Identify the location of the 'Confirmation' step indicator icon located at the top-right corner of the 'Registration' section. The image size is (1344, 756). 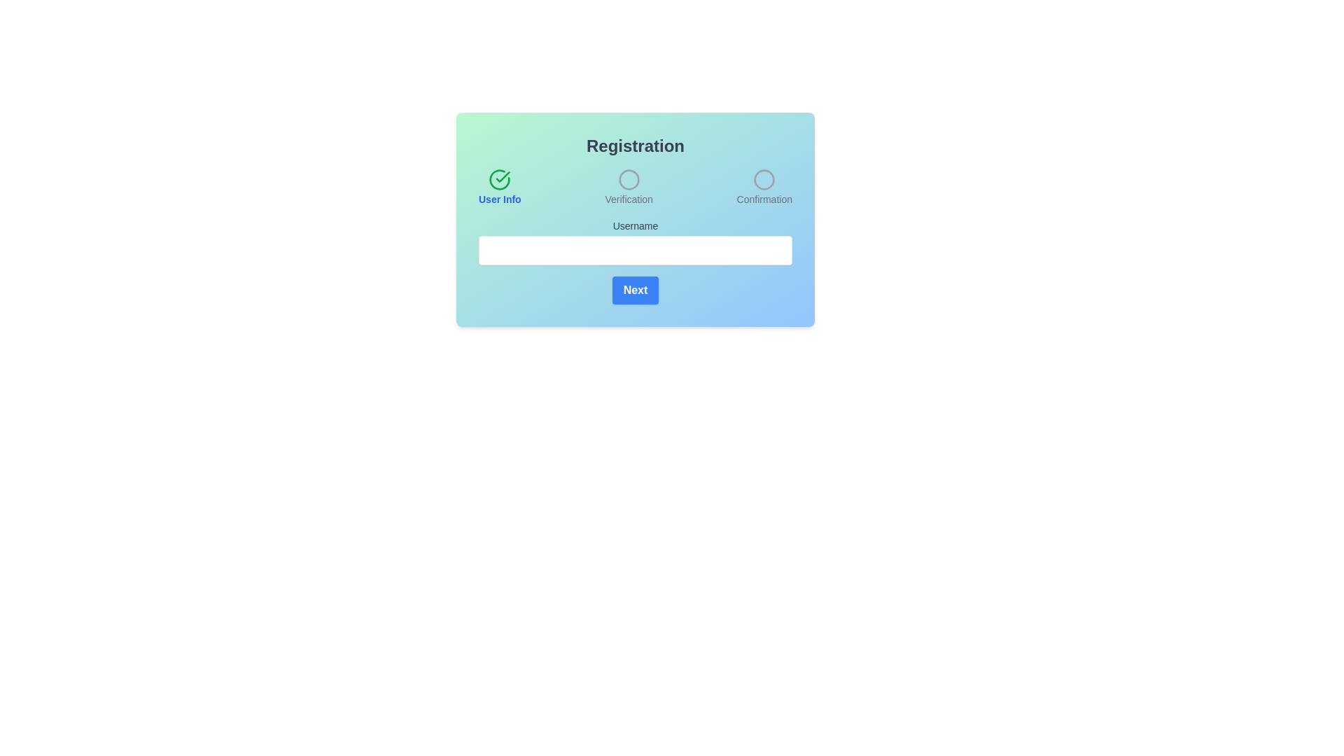
(764, 179).